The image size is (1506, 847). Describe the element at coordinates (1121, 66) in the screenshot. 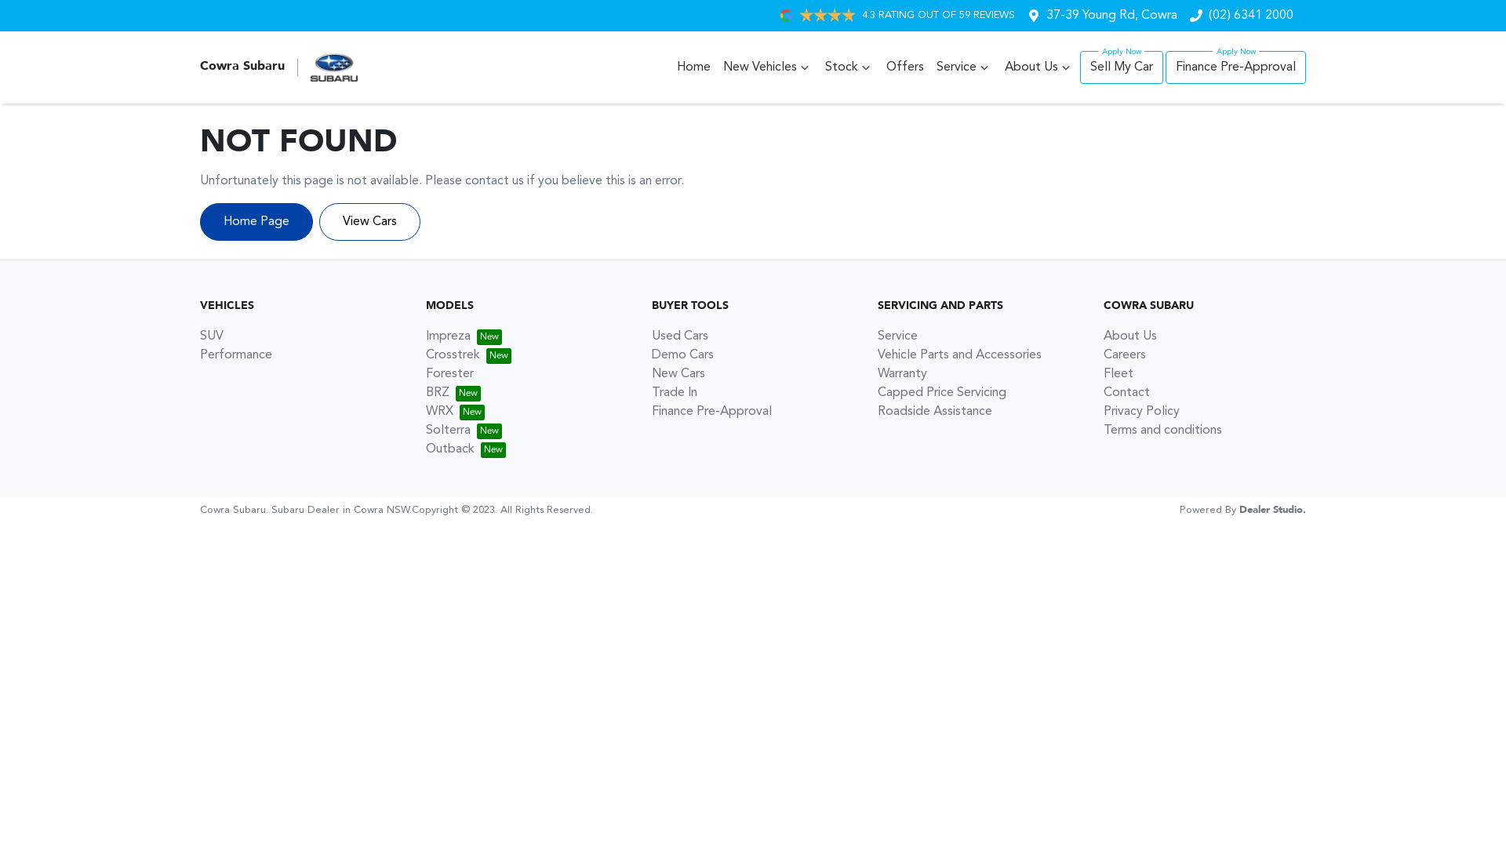

I see `'Sell My Car'` at that location.